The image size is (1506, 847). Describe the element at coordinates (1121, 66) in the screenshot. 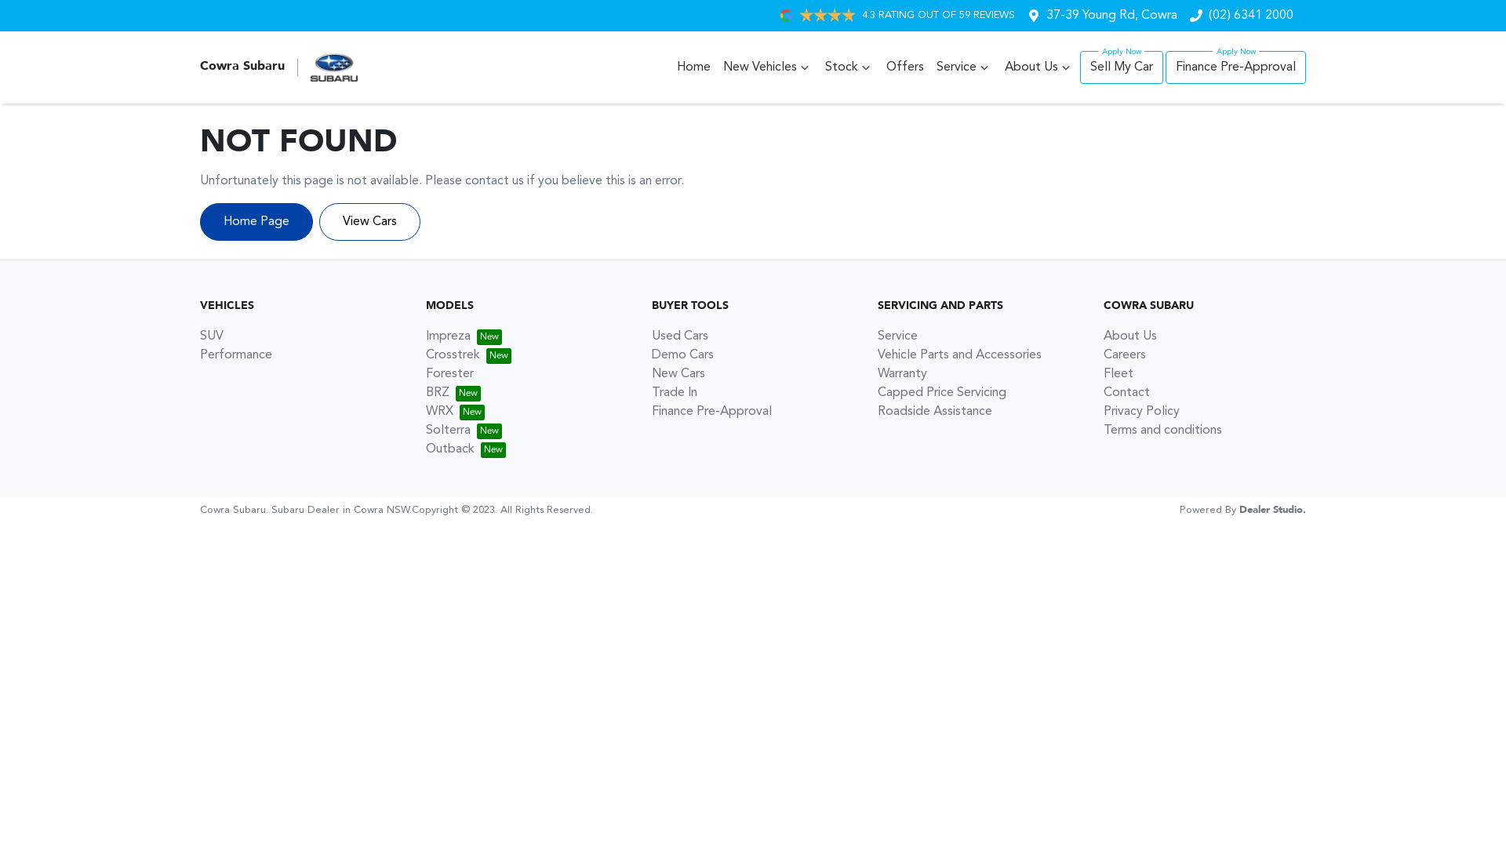

I see `'Sell My Car'` at that location.